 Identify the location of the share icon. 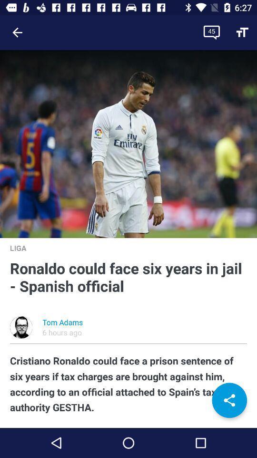
(229, 400).